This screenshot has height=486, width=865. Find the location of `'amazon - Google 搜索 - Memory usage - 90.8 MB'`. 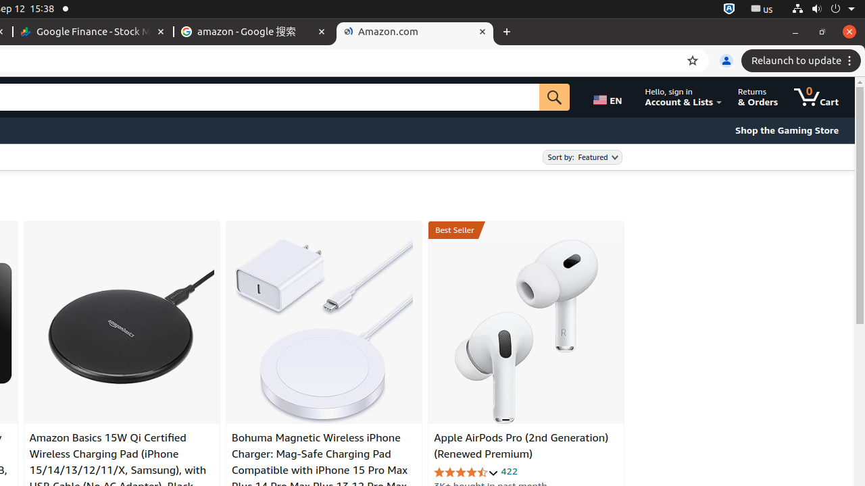

'amazon - Google 搜索 - Memory usage - 90.8 MB' is located at coordinates (254, 31).